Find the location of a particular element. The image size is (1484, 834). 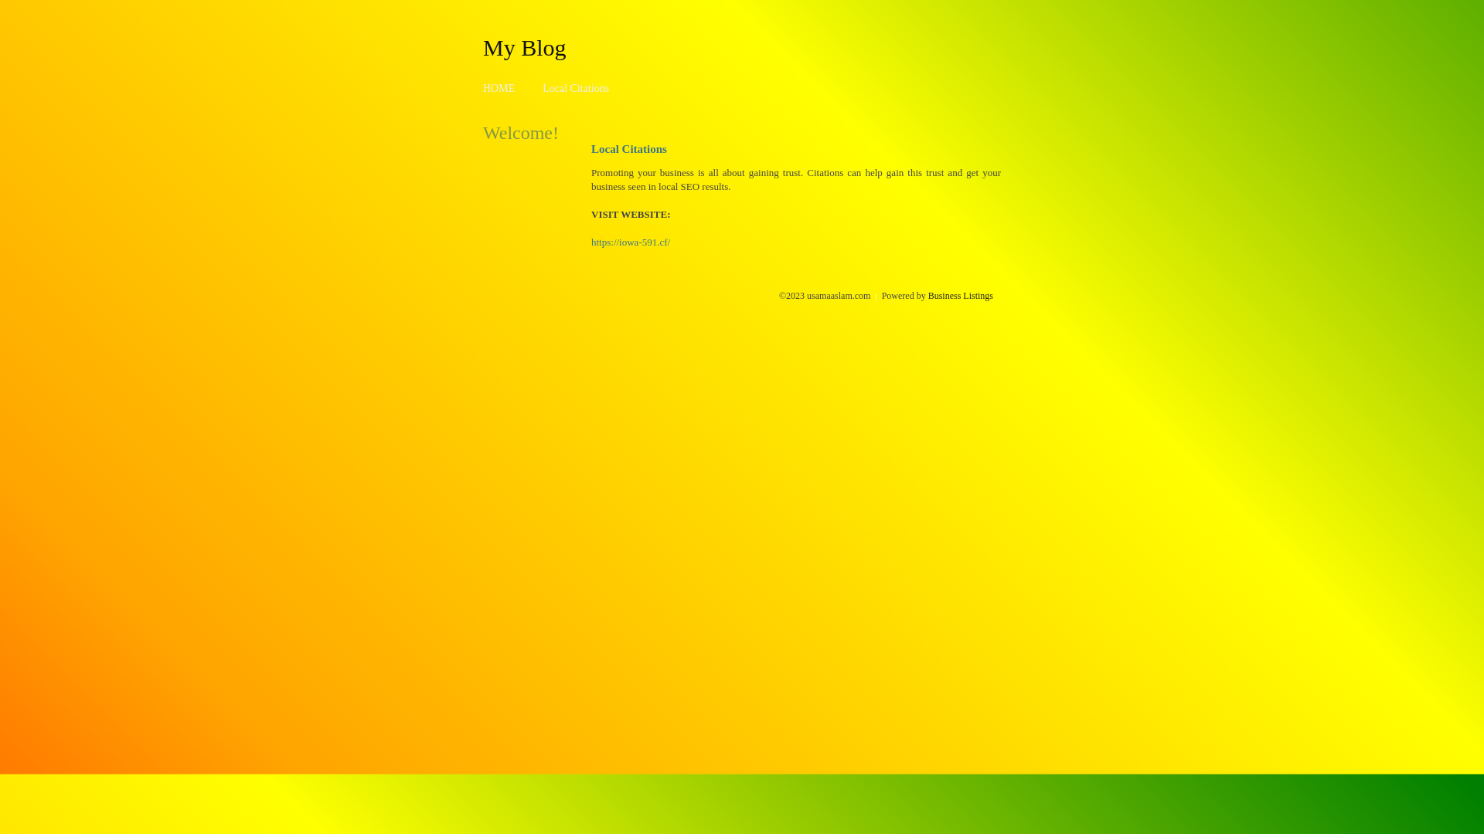

'Local Citations' is located at coordinates (574, 88).